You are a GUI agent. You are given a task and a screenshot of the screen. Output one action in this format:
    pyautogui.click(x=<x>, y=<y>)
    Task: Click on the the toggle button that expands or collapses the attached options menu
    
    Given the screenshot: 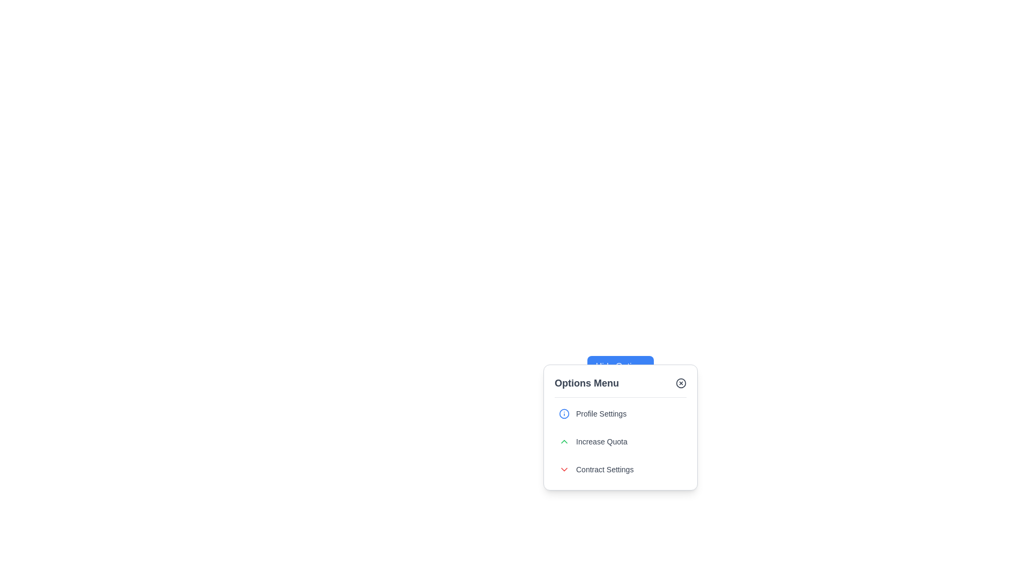 What is the action you would take?
    pyautogui.click(x=620, y=366)
    